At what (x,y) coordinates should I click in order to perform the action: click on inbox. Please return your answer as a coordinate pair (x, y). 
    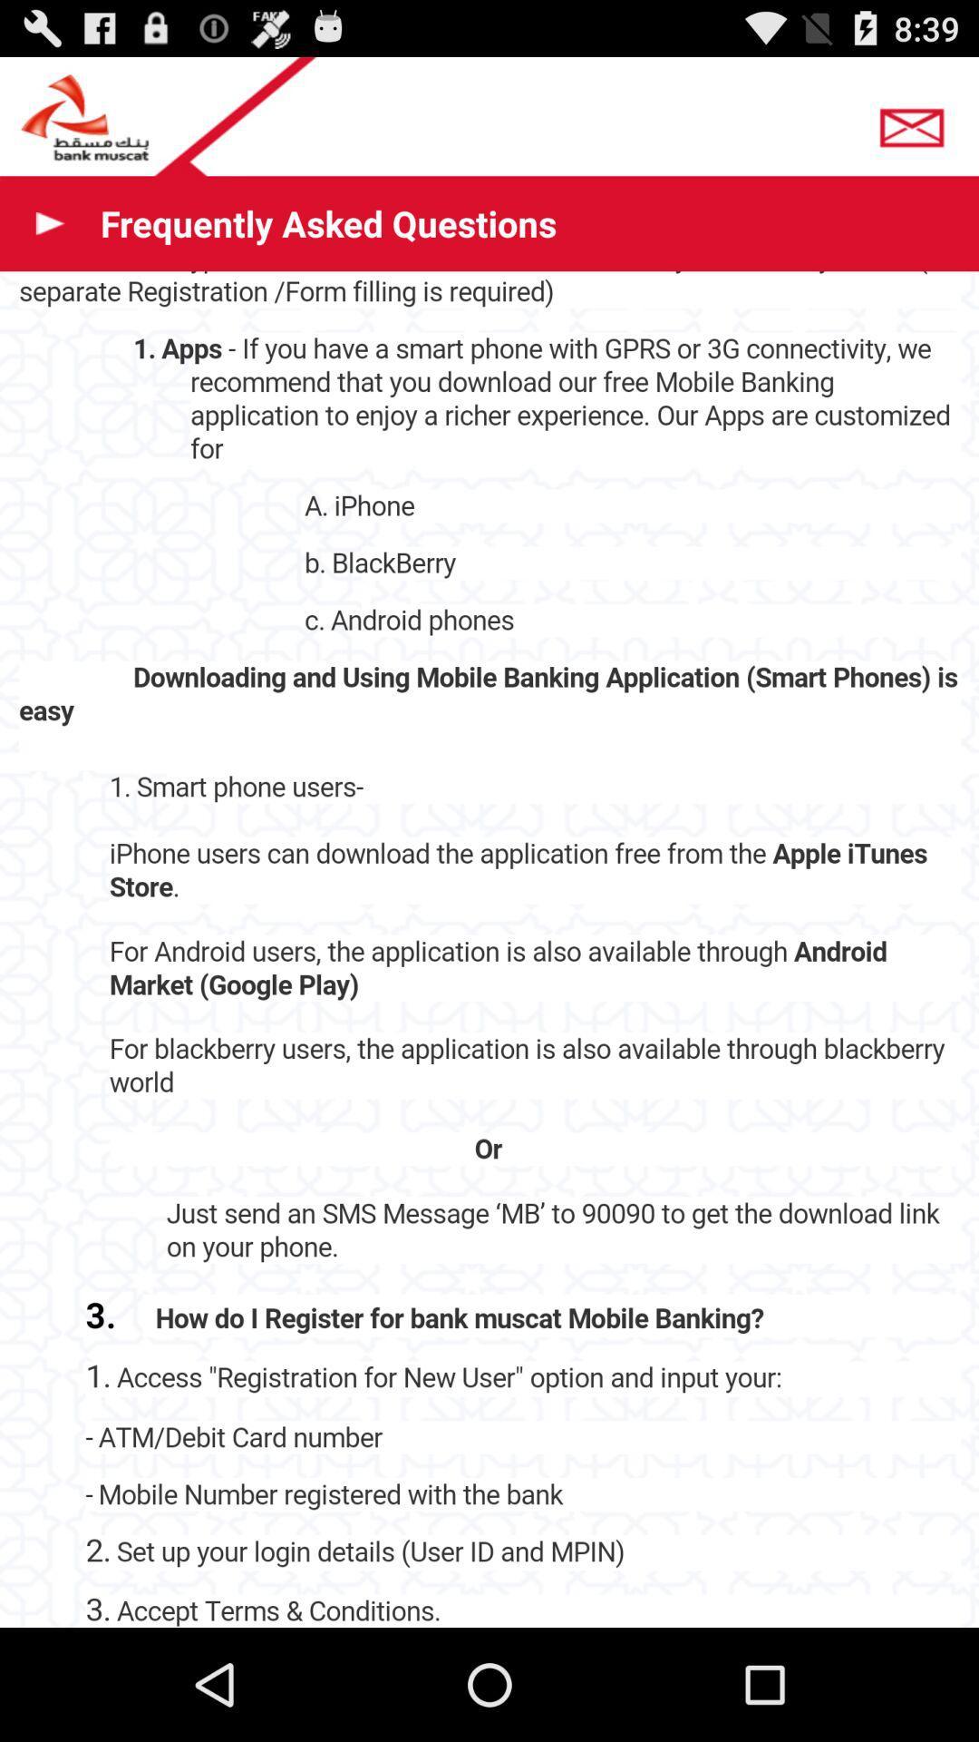
    Looking at the image, I should click on (916, 121).